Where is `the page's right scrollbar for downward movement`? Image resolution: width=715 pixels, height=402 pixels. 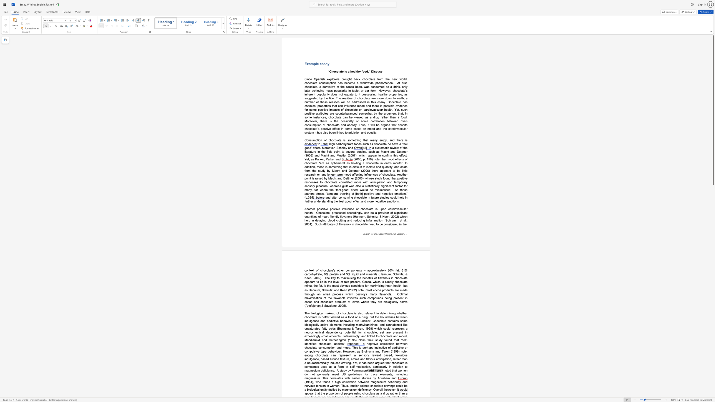
the page's right scrollbar for downward movement is located at coordinates (713, 302).